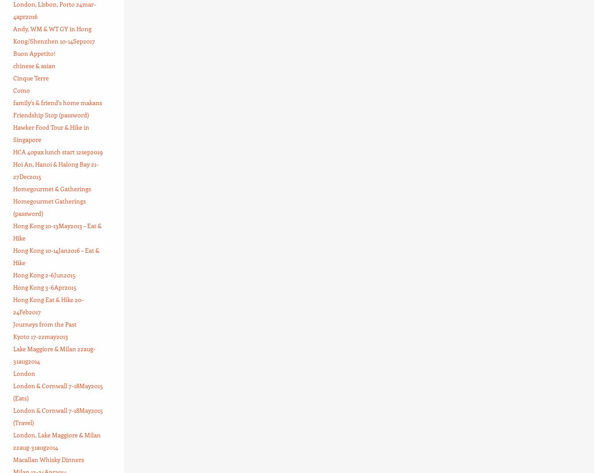 The width and height of the screenshot is (594, 473). What do you see at coordinates (56, 169) in the screenshot?
I see `'Hoi An, Hanoi & Halong Bay 21-27Dec2015'` at bounding box center [56, 169].